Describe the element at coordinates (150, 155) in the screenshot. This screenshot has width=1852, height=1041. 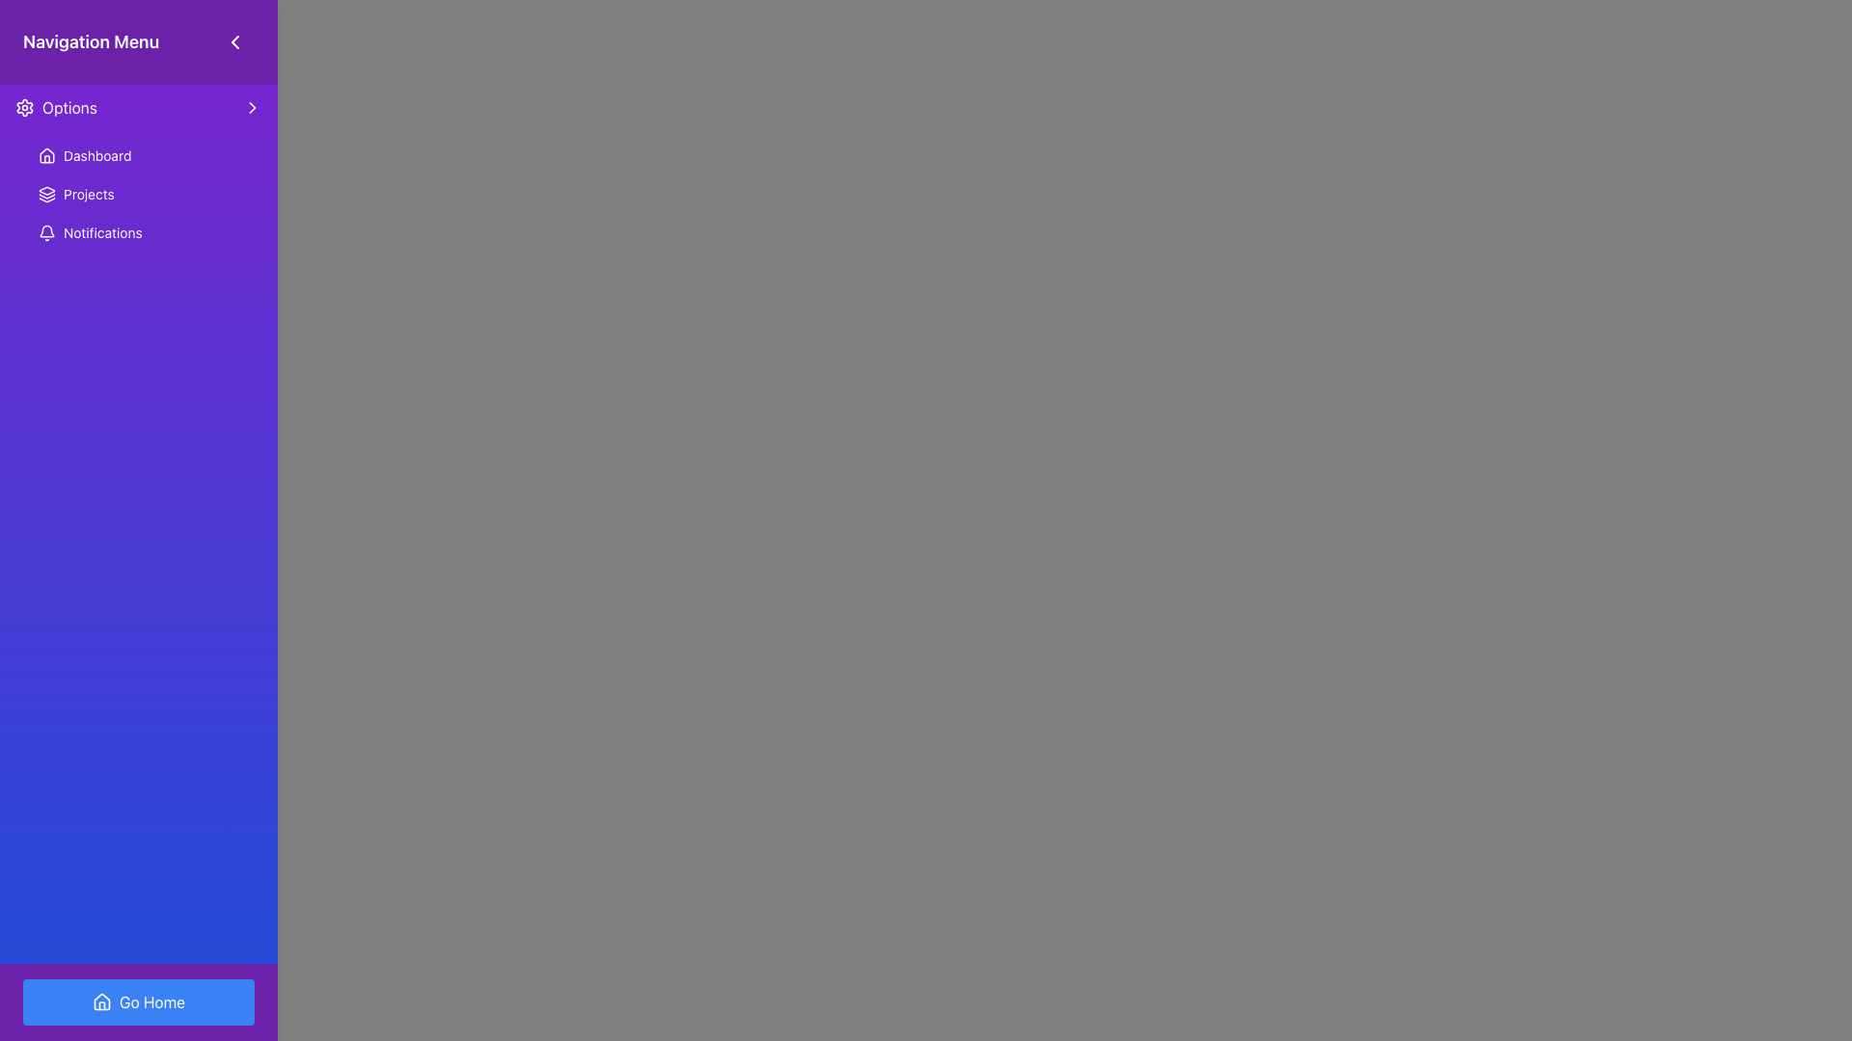
I see `the 'Dashboard' navigation link in the left-side menu` at that location.